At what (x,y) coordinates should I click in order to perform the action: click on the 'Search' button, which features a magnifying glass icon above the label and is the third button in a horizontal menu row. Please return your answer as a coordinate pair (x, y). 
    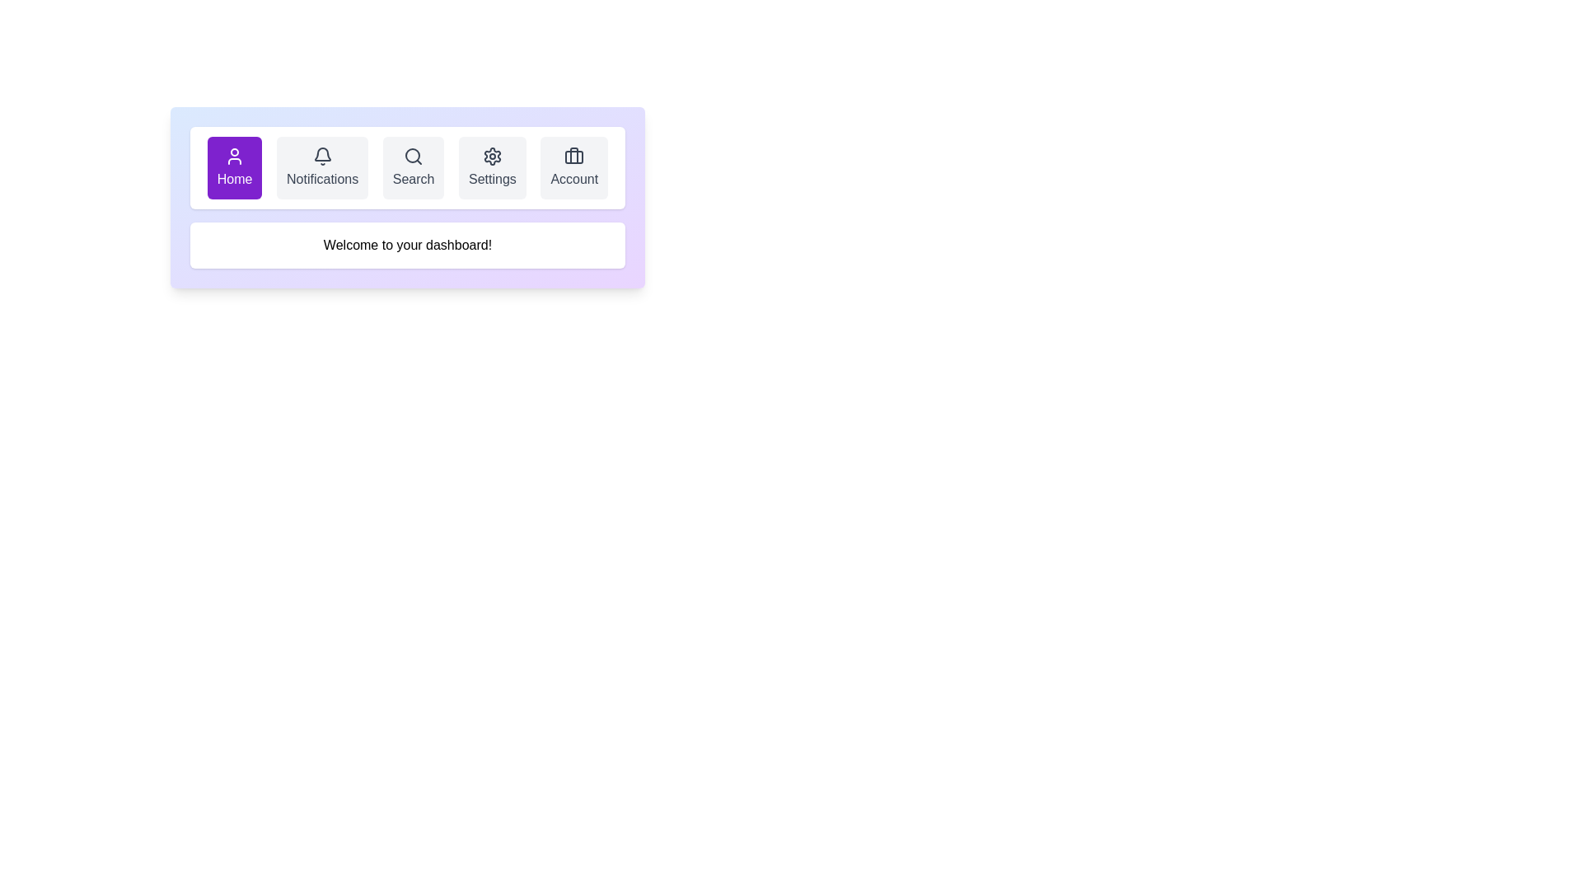
    Looking at the image, I should click on (414, 168).